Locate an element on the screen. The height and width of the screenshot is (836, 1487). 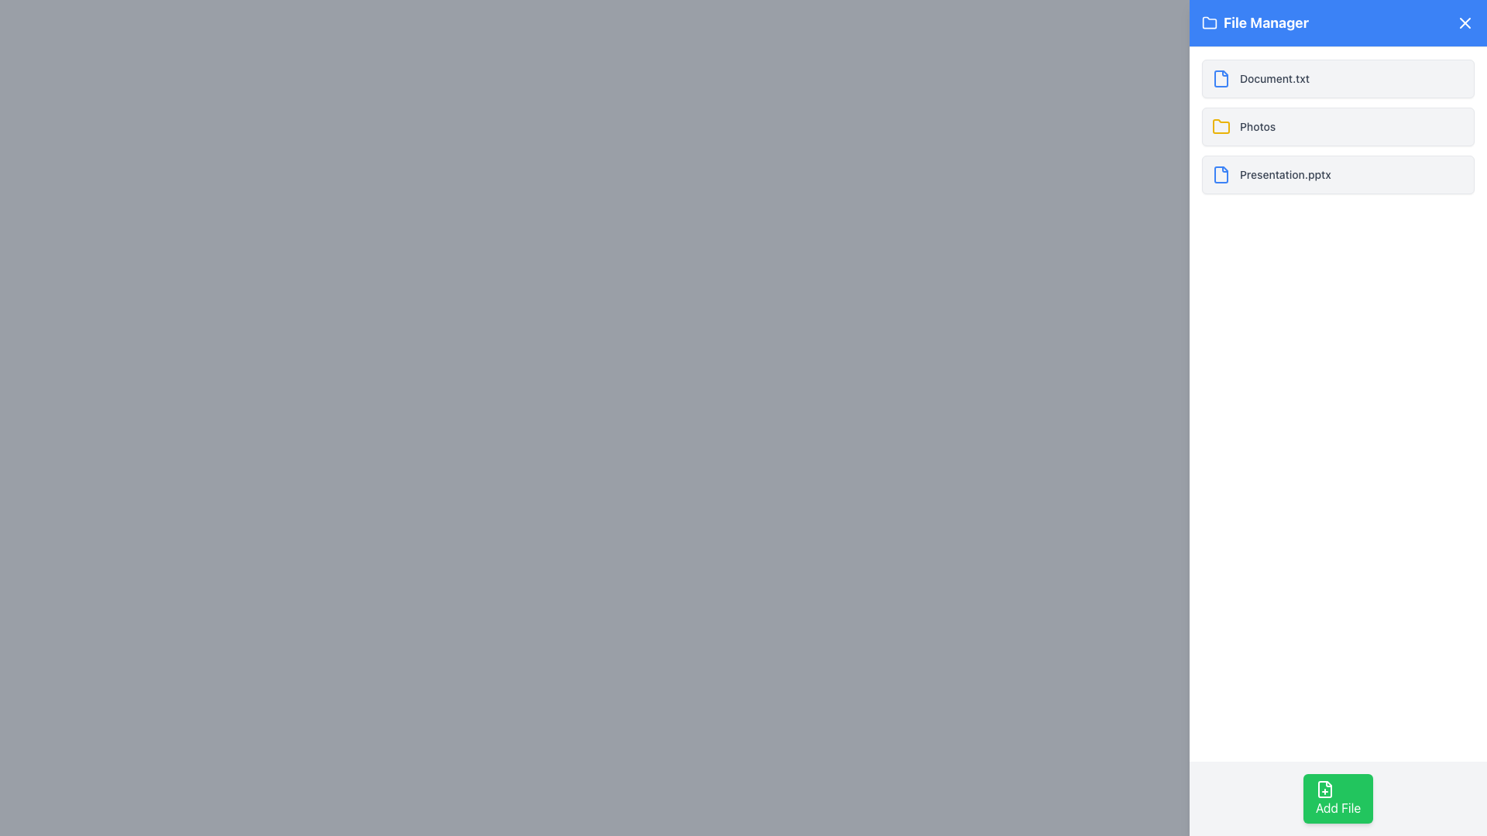
the yellow folder icon located to the left of the 'Photos' label in the second row of the file manager interface is located at coordinates (1221, 125).